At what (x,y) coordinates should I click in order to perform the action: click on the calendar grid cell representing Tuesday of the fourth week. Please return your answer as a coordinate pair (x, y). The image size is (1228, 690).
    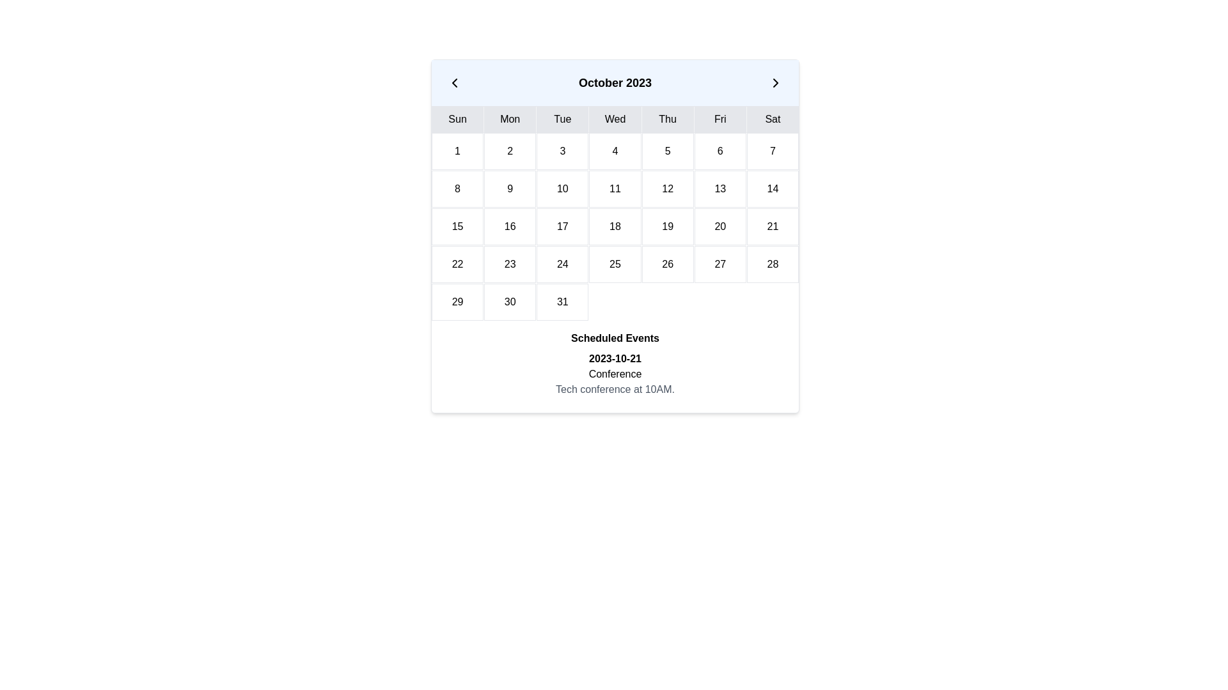
    Looking at the image, I should click on (509, 263).